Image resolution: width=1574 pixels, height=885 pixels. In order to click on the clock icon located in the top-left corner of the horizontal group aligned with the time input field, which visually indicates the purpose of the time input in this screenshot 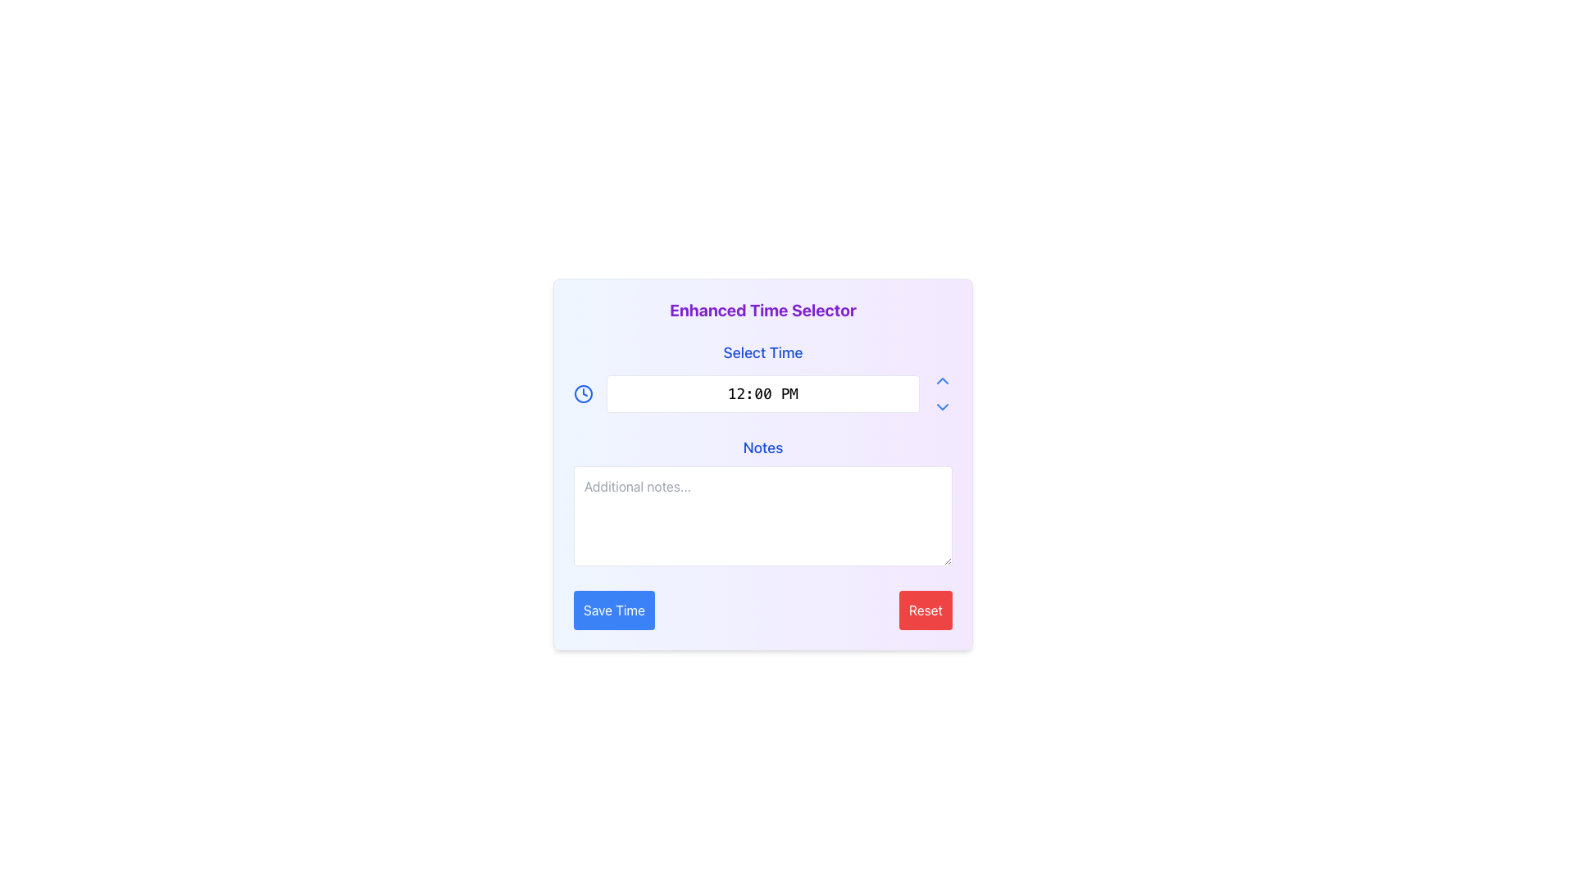, I will do `click(583, 394)`.